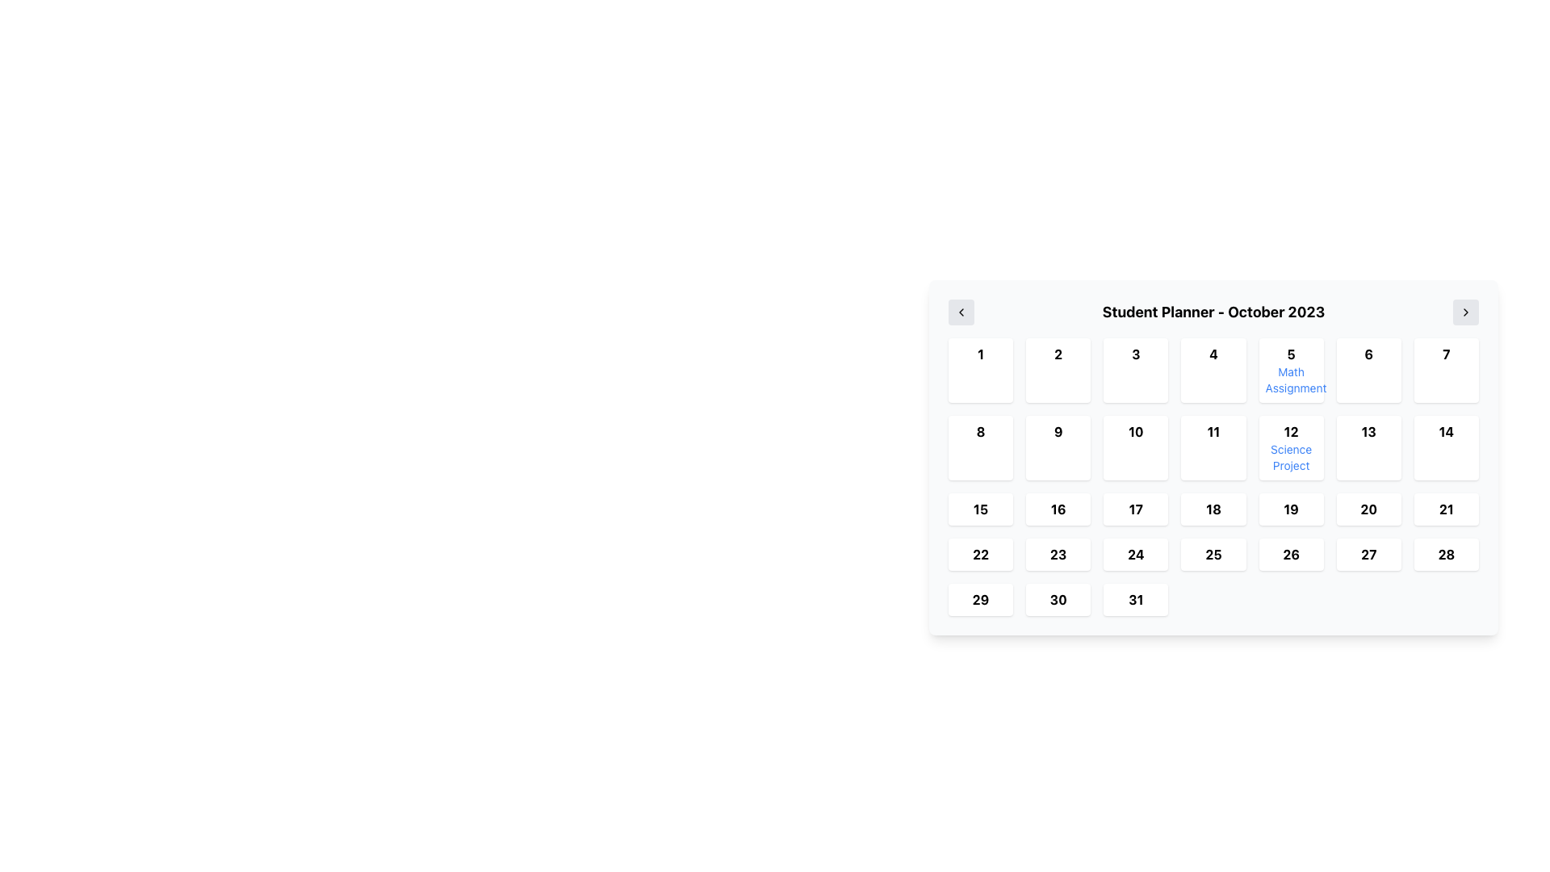 The image size is (1550, 872). What do you see at coordinates (1446, 371) in the screenshot?
I see `the Calendar Day Box representing the seventh day of the month` at bounding box center [1446, 371].